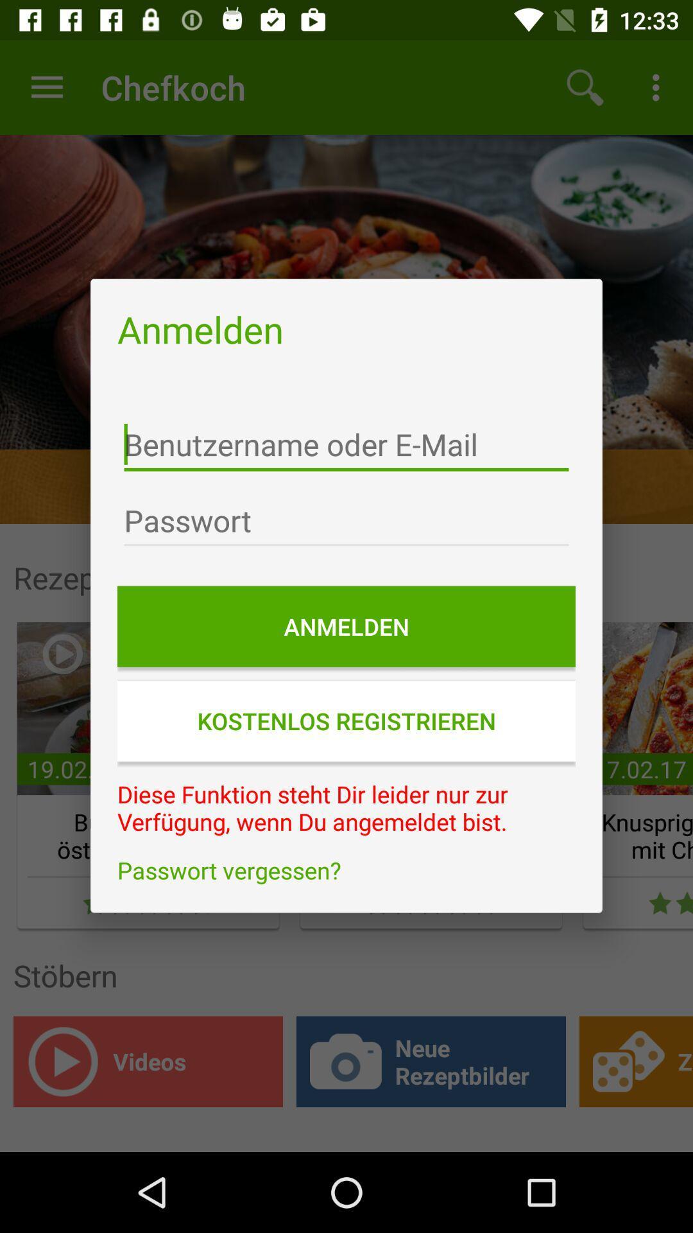  I want to click on email field, so click(346, 444).